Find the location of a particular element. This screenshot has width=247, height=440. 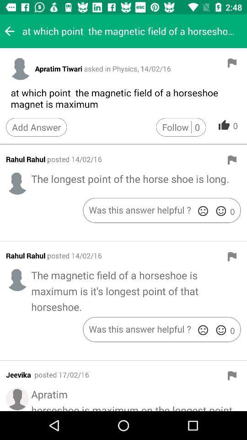

see profile is located at coordinates (20, 68).